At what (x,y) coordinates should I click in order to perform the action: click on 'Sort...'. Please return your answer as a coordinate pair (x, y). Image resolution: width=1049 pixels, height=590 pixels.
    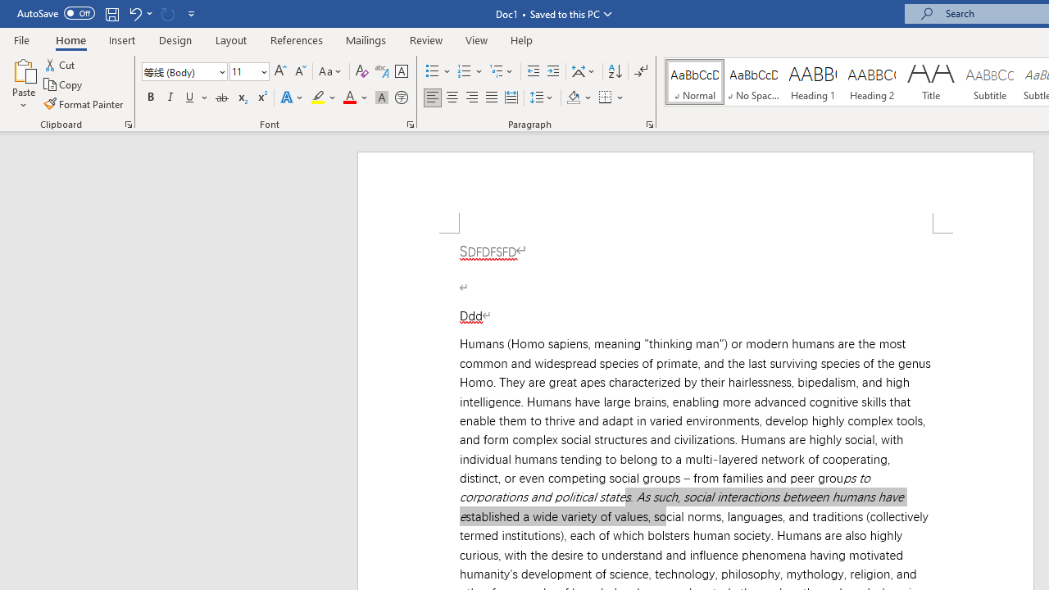
    Looking at the image, I should click on (614, 70).